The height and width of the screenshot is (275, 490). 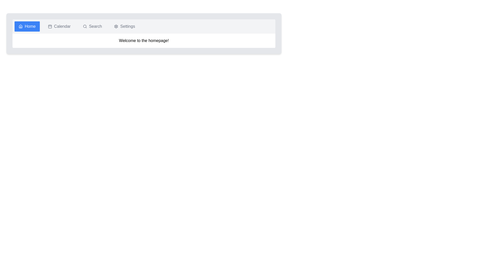 I want to click on the gear-shaped settings icon located in the navigation bar, so click(x=116, y=26).